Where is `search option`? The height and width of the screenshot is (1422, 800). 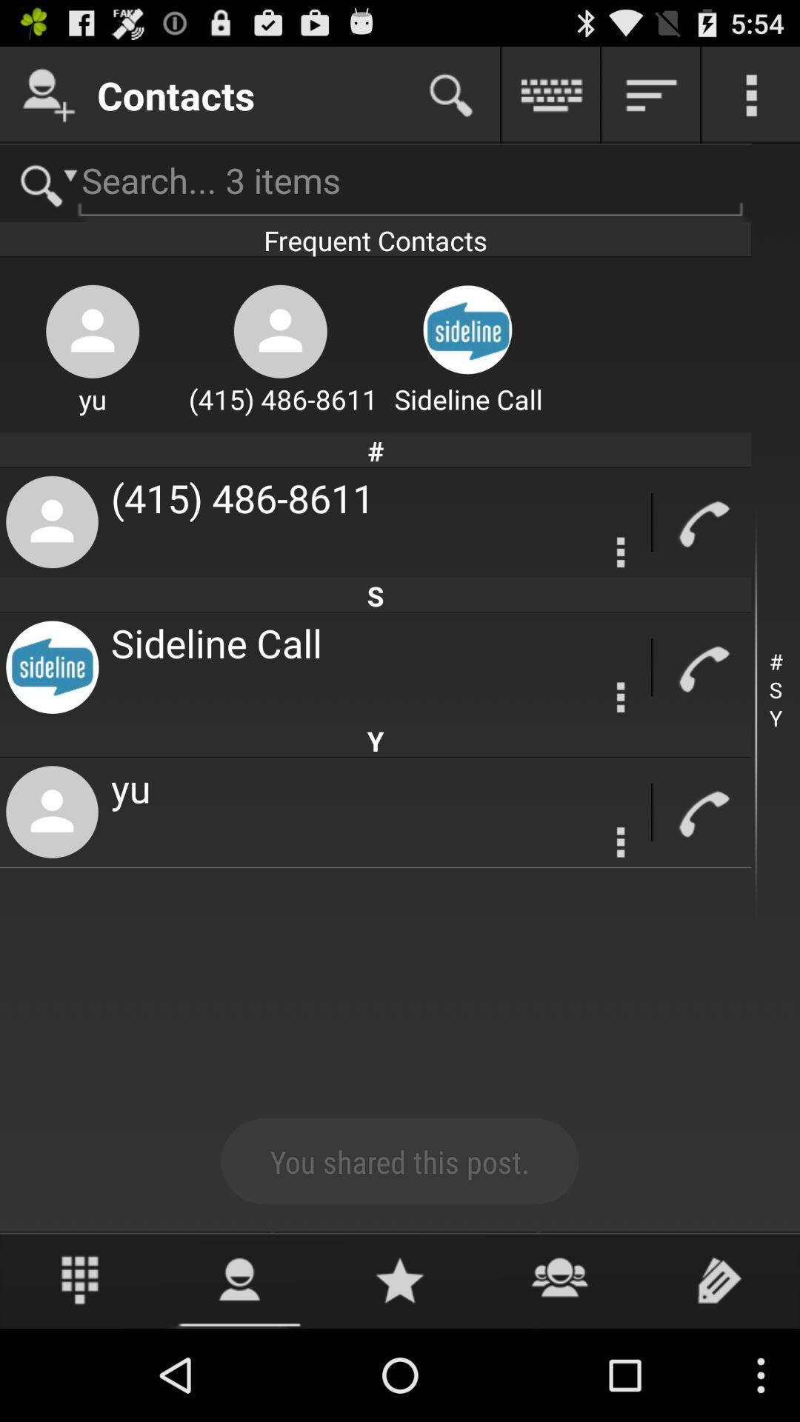 search option is located at coordinates (41, 182).